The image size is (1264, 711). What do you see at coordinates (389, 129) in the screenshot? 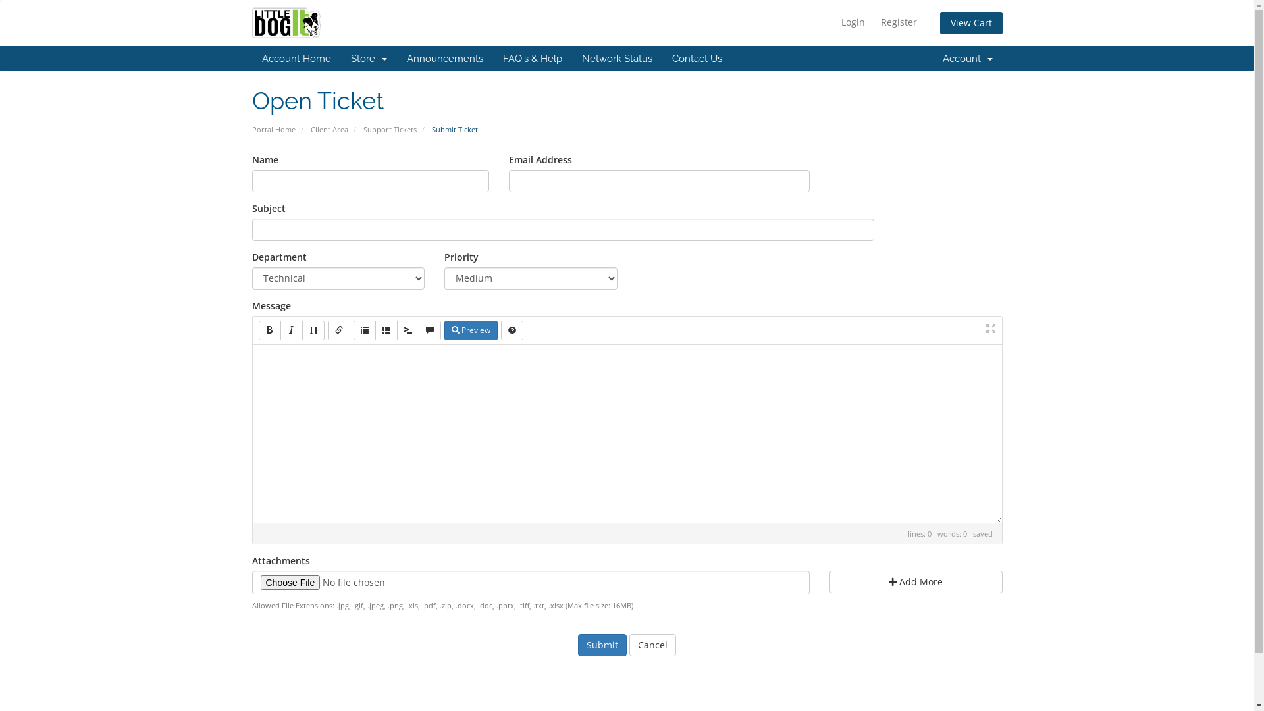
I see `'Support Tickets'` at bounding box center [389, 129].